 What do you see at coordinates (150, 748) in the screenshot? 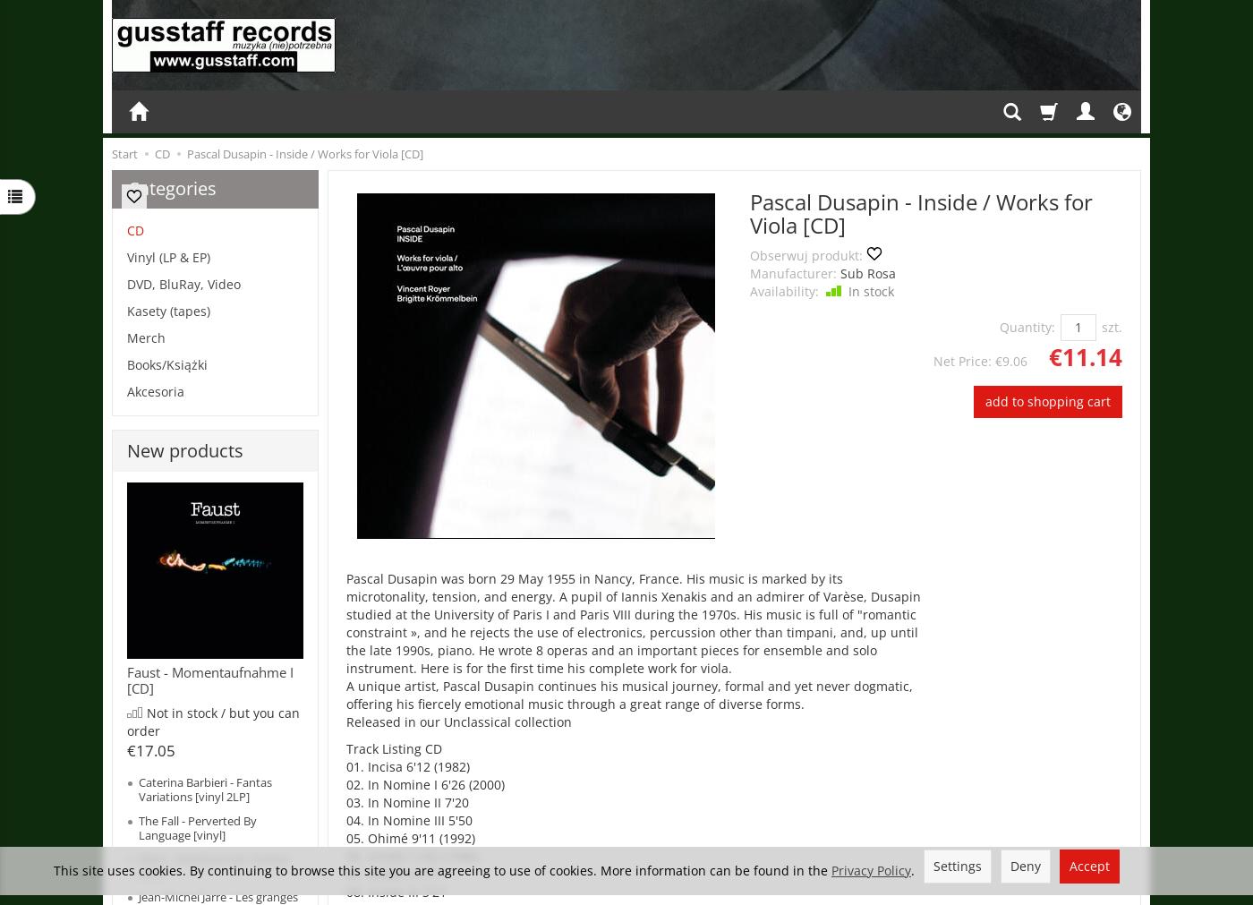
I see `'€17.05'` at bounding box center [150, 748].